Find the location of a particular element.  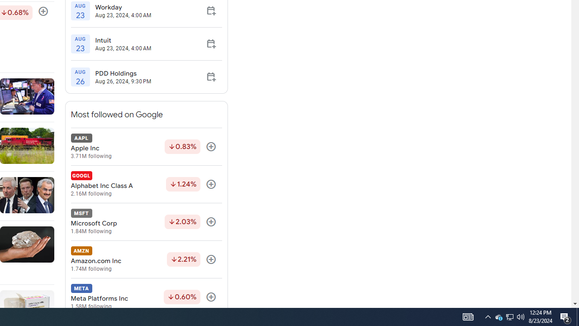

'PDD Holdings' is located at coordinates (123, 73).